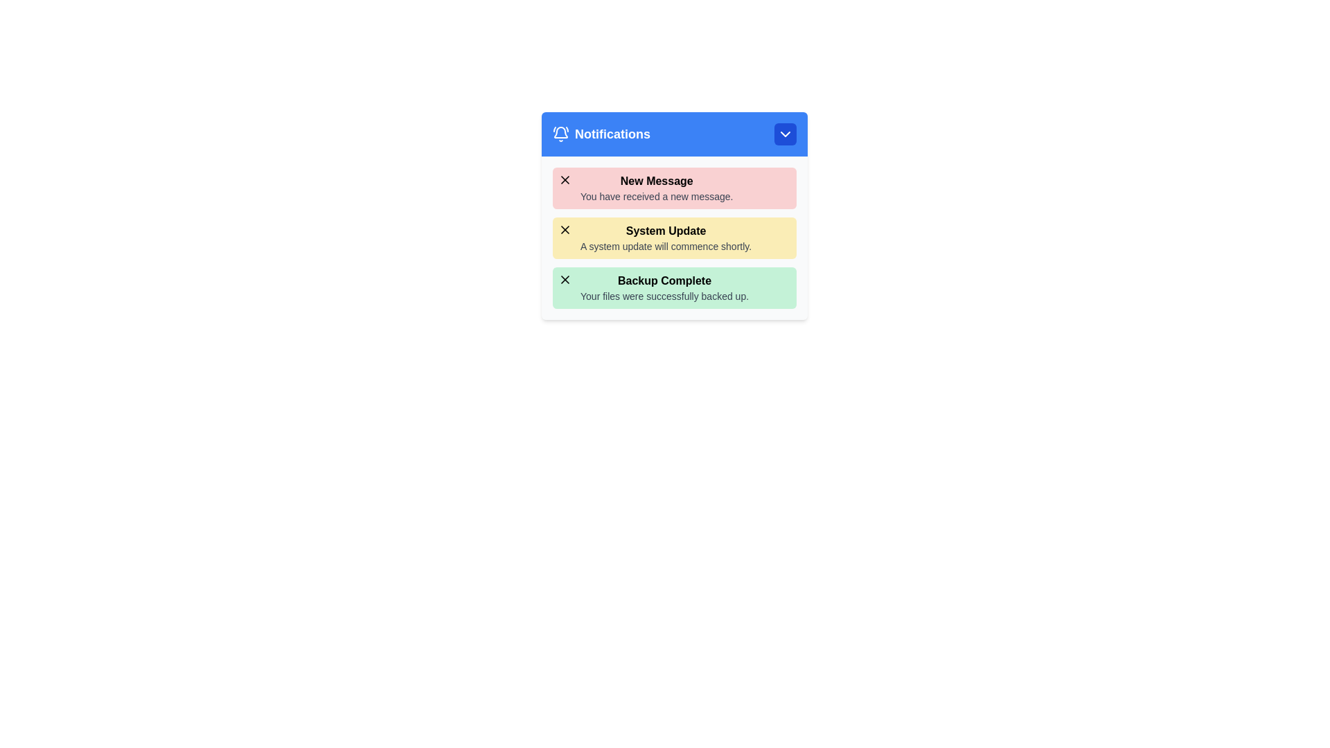 This screenshot has height=748, width=1330. I want to click on the Static text header indicating the successful completion of a backup process in the third notification card within the Notifications panel, so click(664, 280).